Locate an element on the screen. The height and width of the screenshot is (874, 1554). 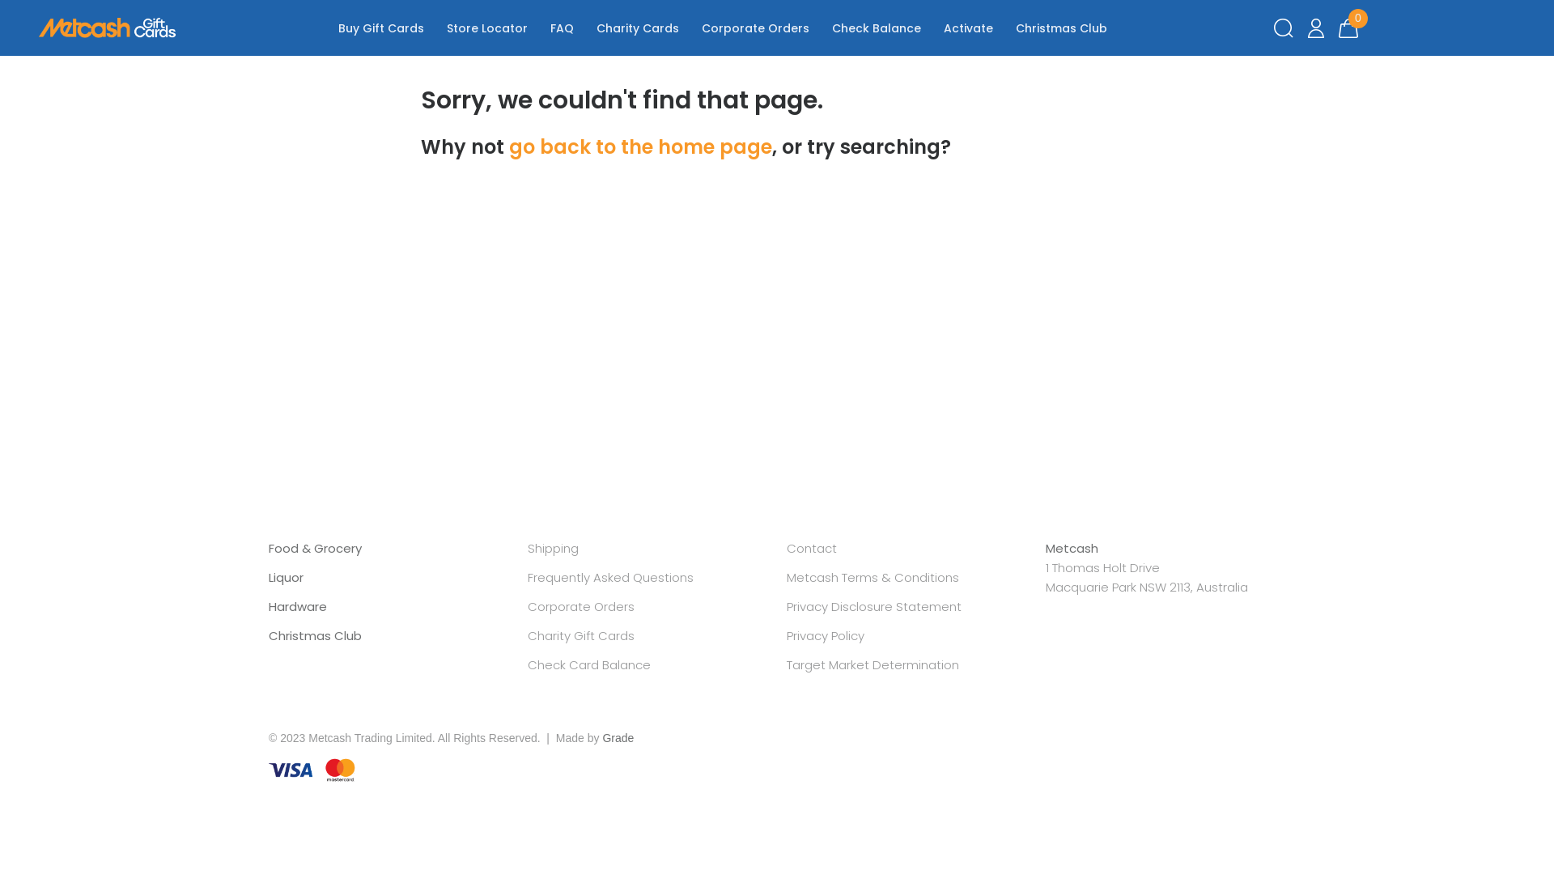
'Target Market Determination' is located at coordinates (786, 664).